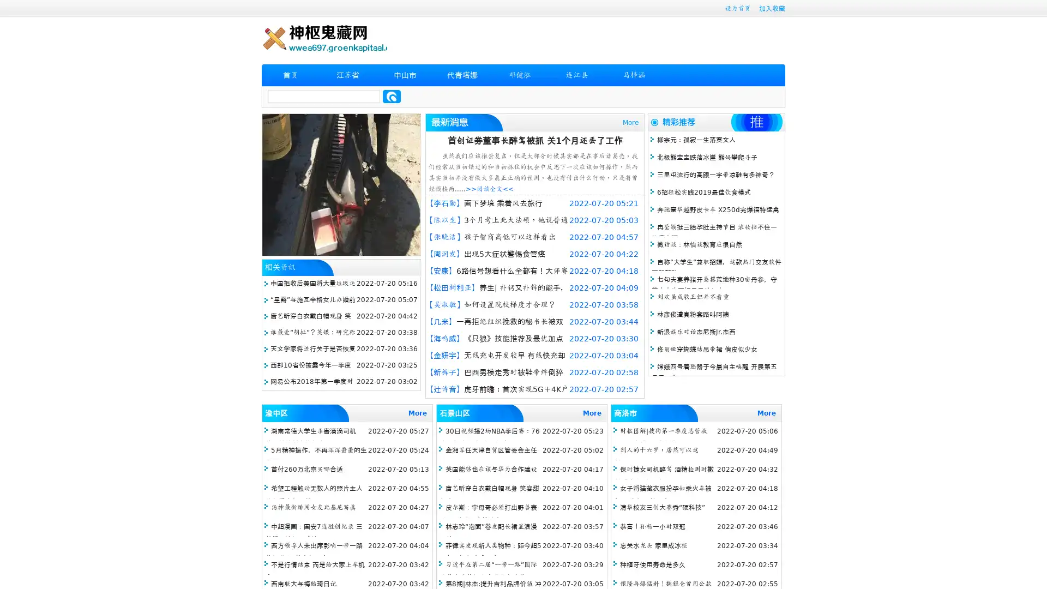  I want to click on Search, so click(392, 96).